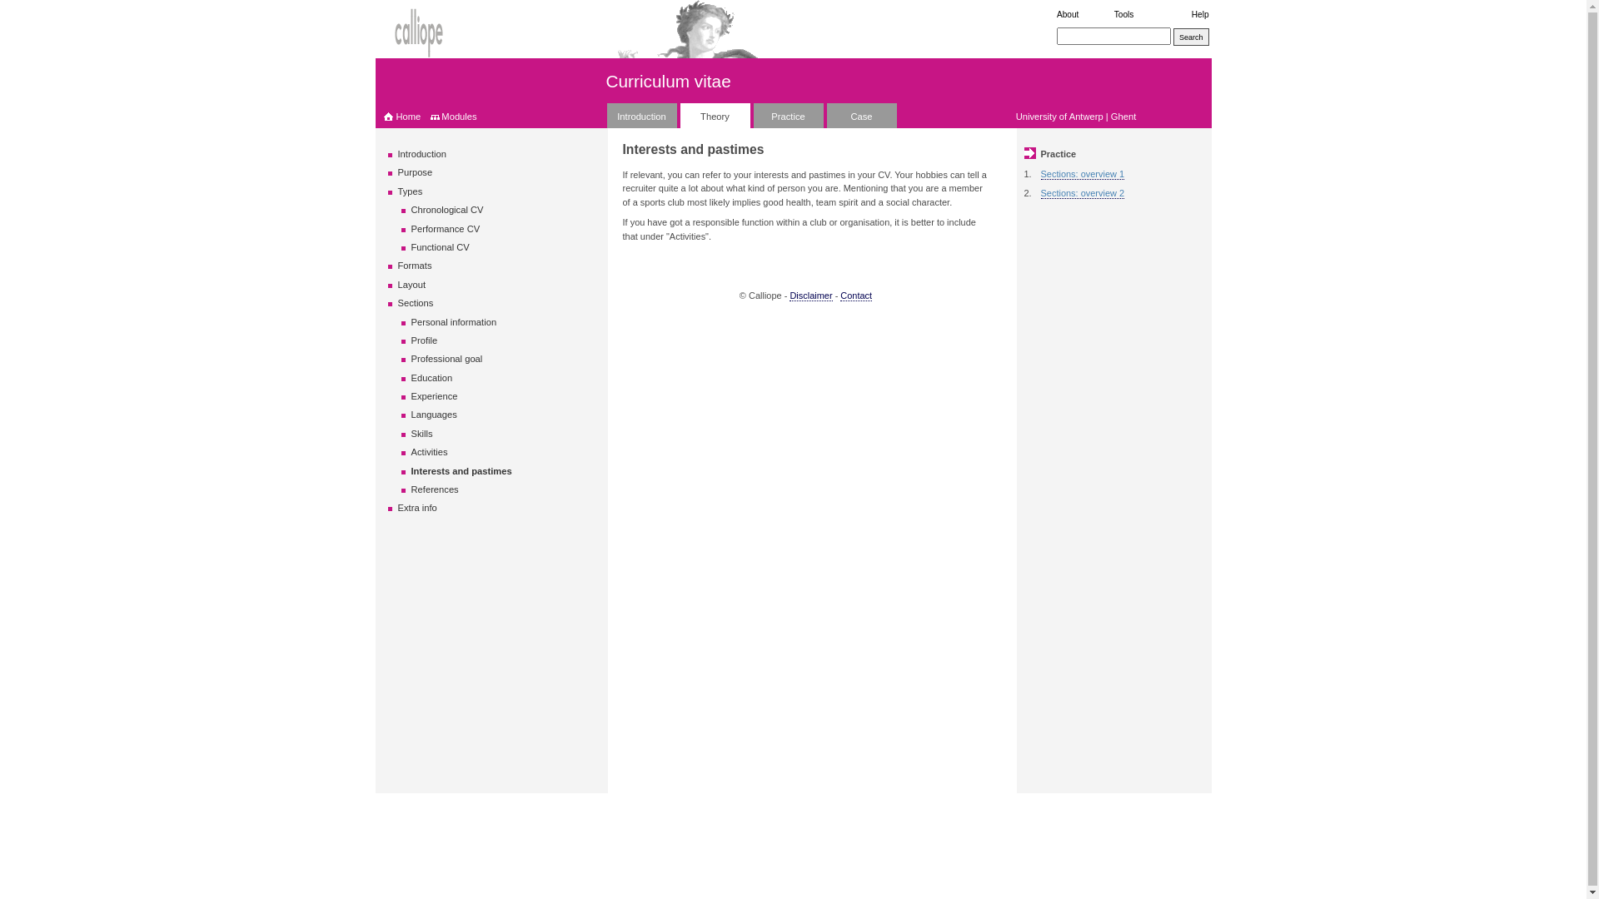 This screenshot has width=1599, height=899. I want to click on '|', so click(1107, 115).